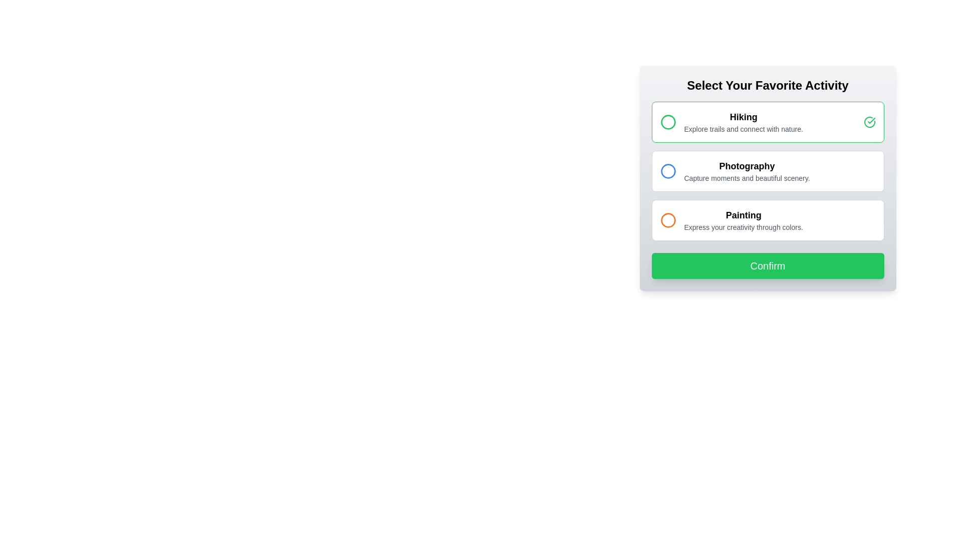 Image resolution: width=962 pixels, height=541 pixels. I want to click on the green rectangular 'Confirm' button with rounded corners at the bottom of the card-style layout, so click(767, 265).